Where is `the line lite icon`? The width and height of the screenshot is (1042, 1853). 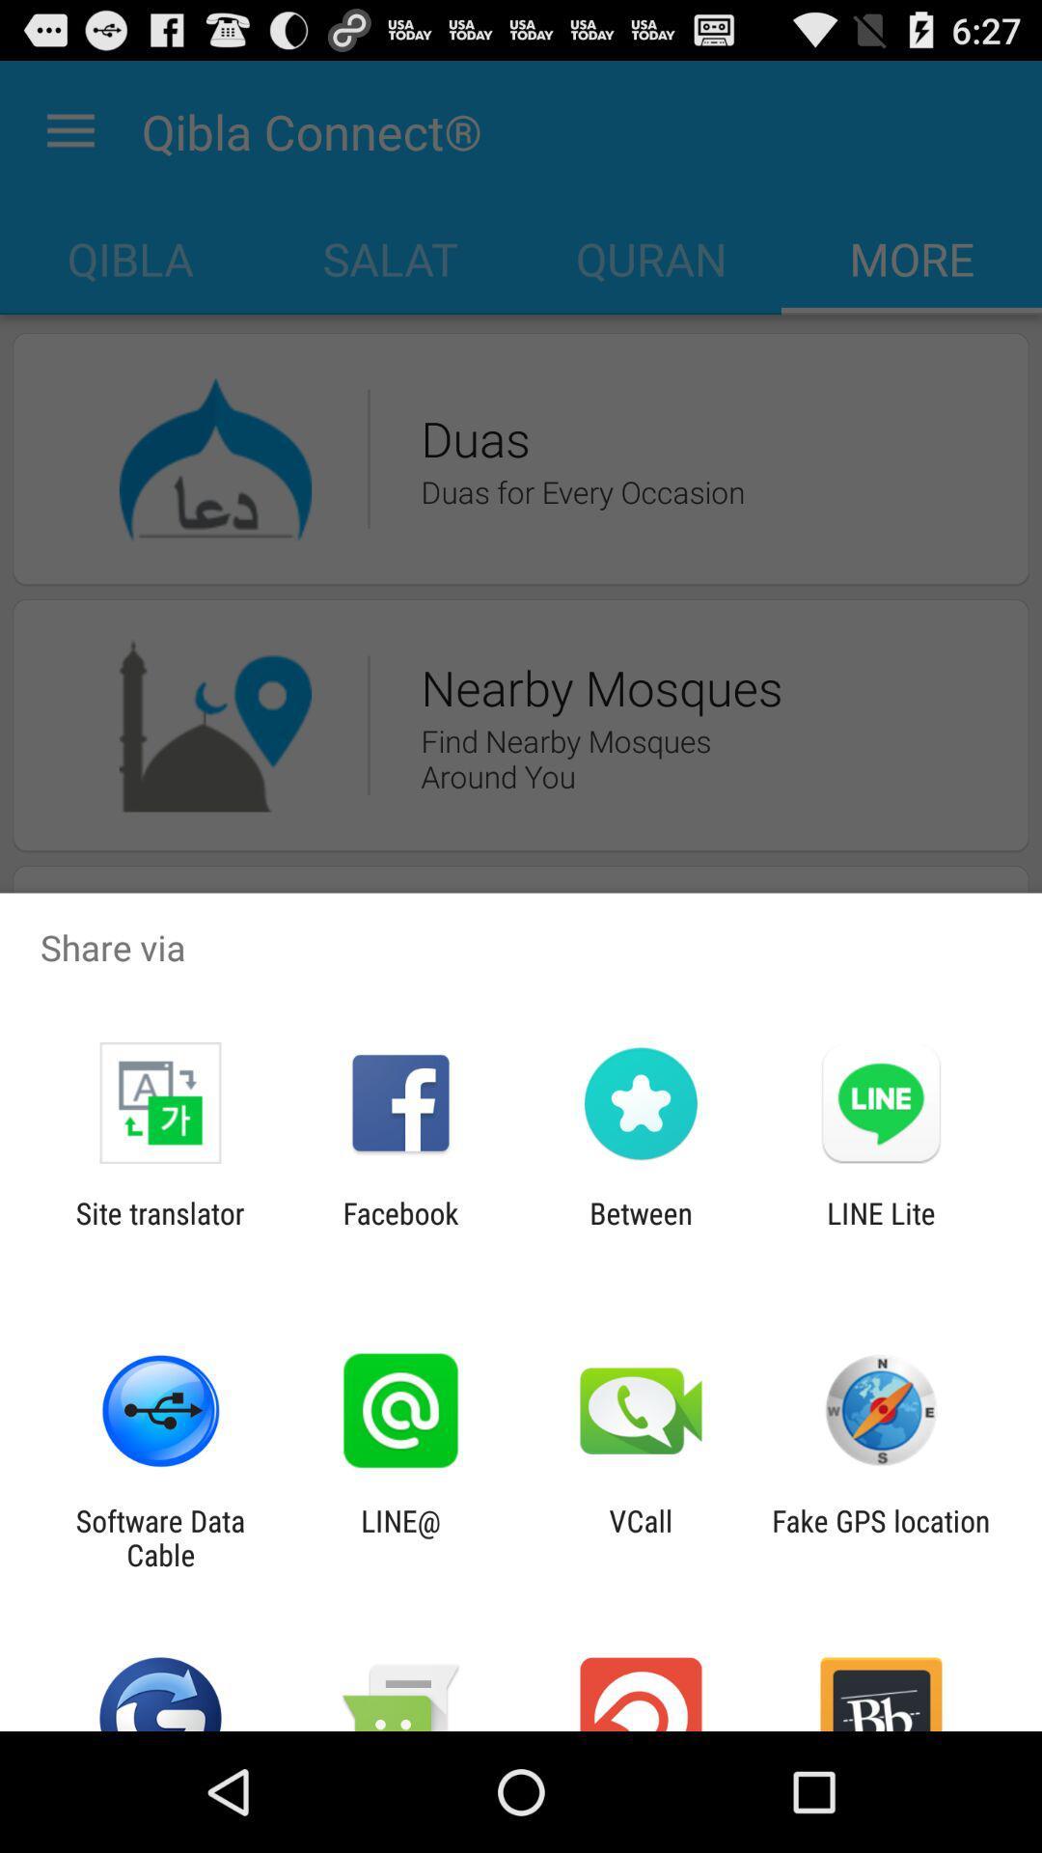
the line lite icon is located at coordinates (881, 1230).